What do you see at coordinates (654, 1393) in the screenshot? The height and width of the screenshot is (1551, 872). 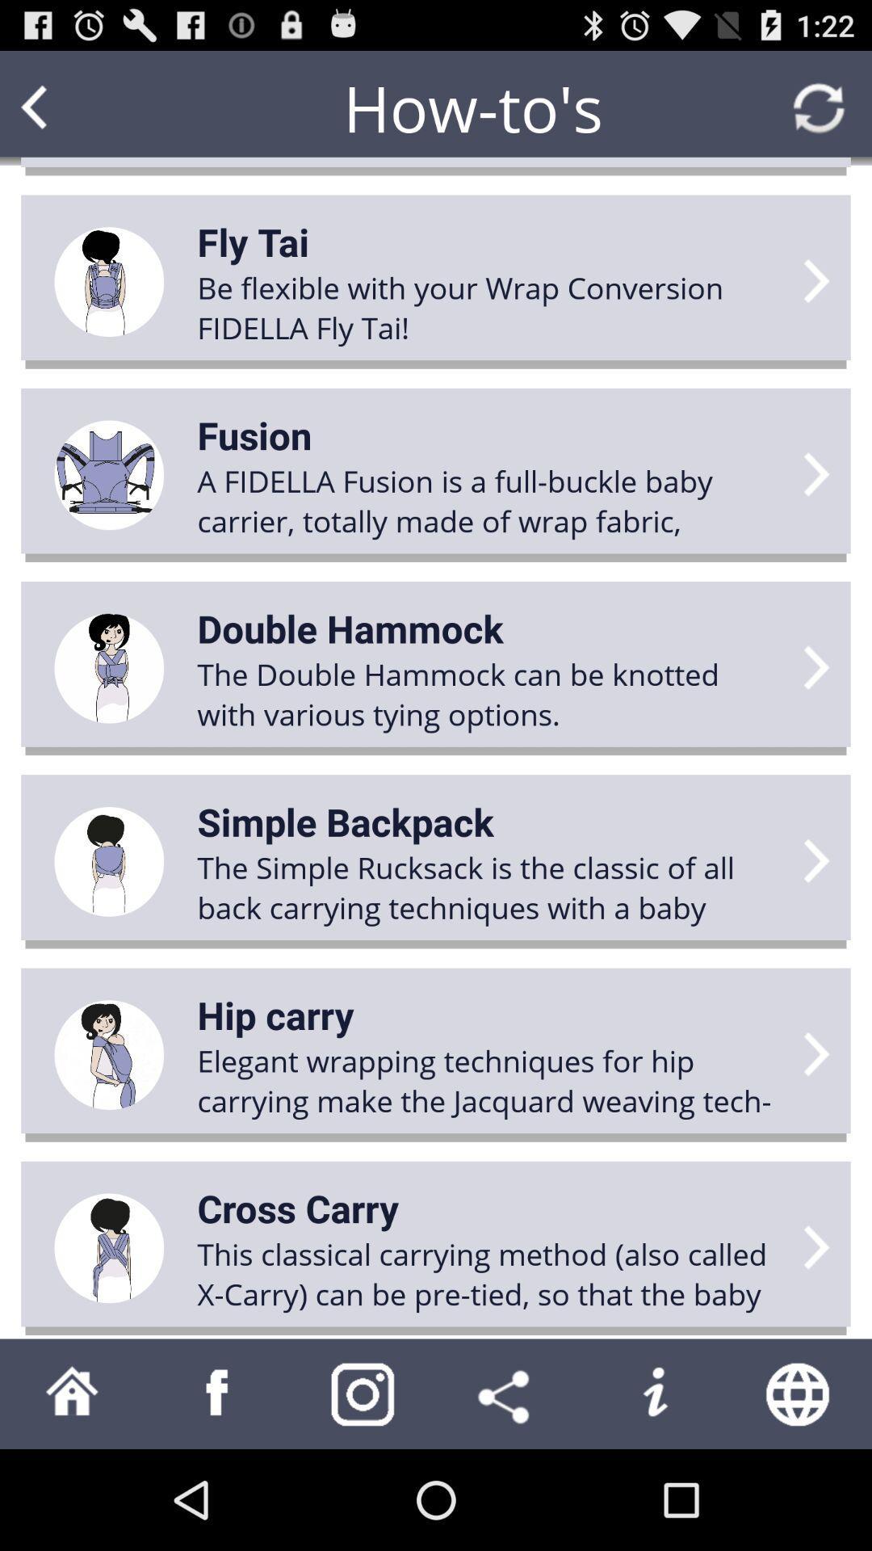 I see `information page` at bounding box center [654, 1393].